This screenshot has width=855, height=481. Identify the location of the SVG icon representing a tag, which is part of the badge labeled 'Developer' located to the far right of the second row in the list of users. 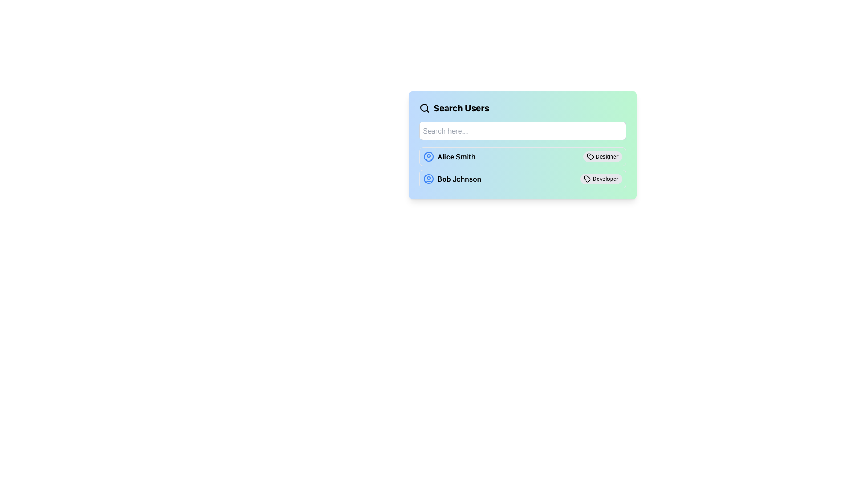
(587, 179).